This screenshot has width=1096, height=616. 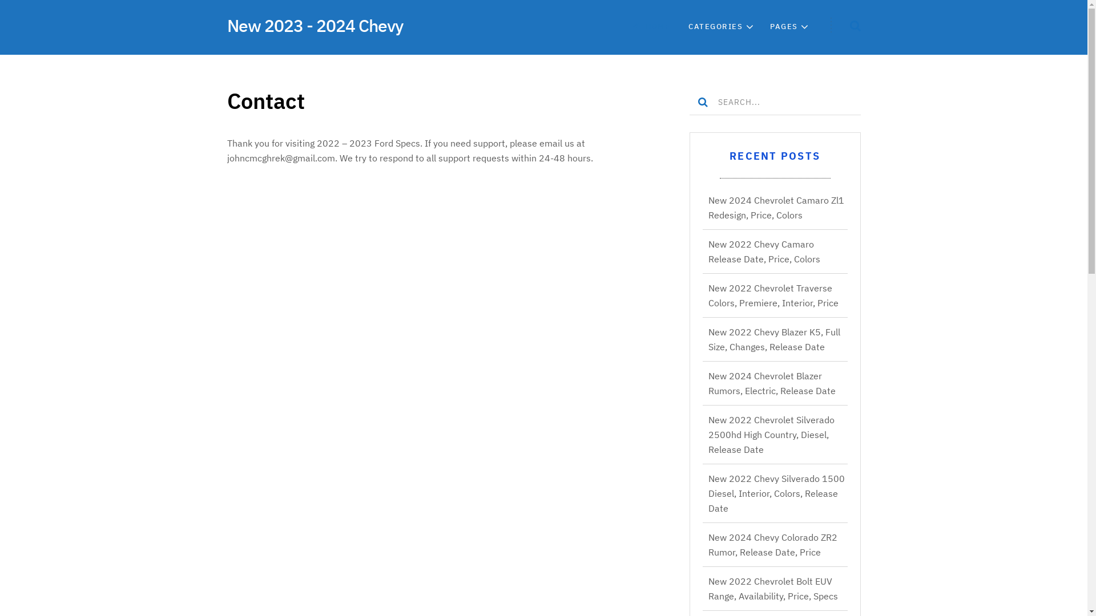 I want to click on 'PAGES', so click(x=769, y=26).